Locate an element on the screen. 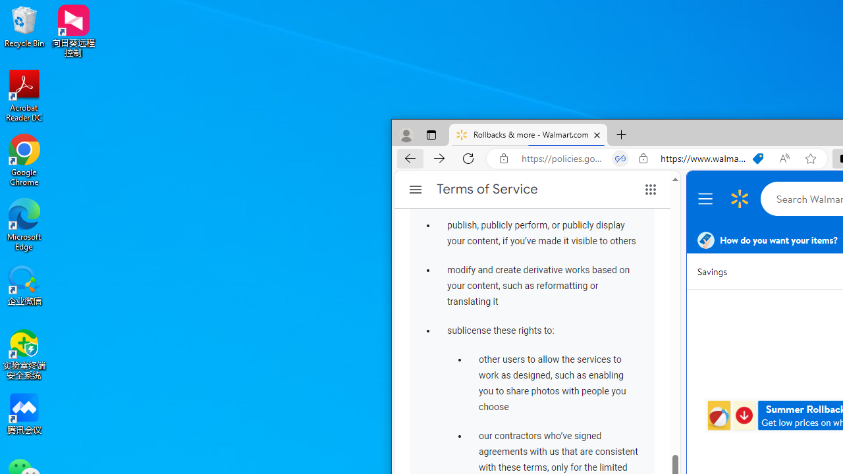 This screenshot has width=843, height=474. 'Microsoft Edge' is located at coordinates (24, 224).